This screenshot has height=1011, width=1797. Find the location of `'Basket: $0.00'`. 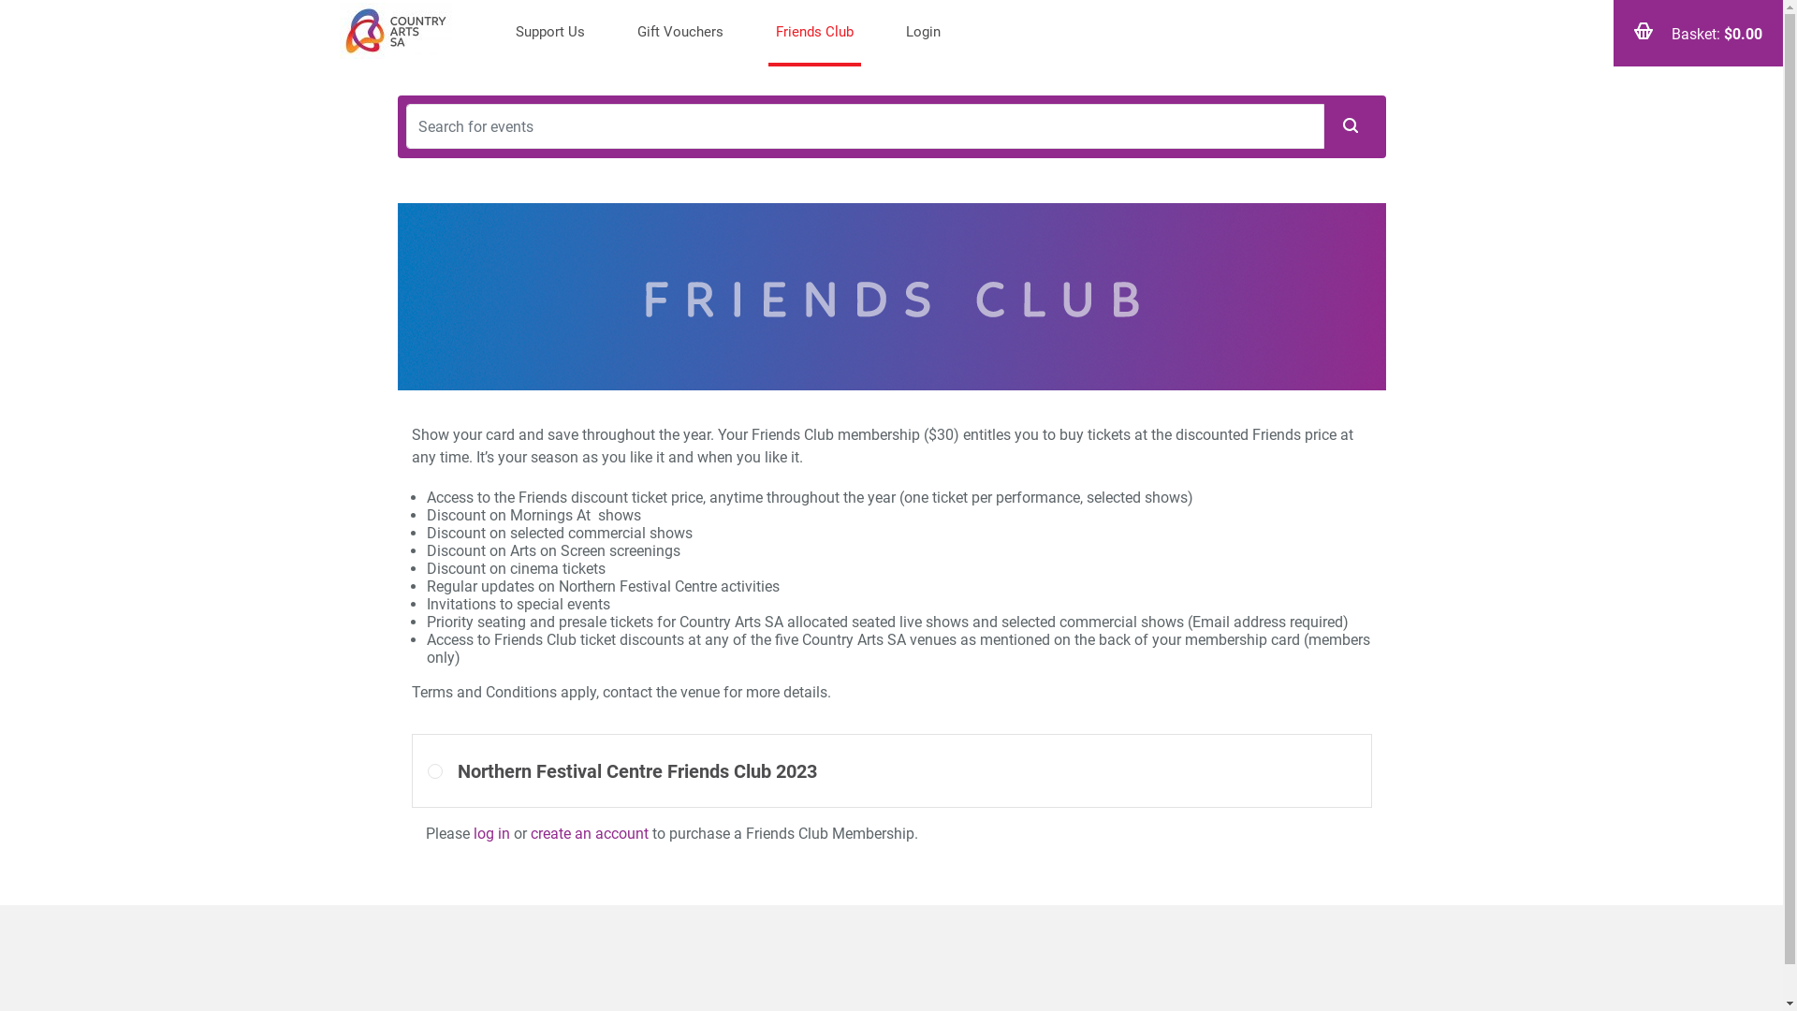

'Basket: $0.00' is located at coordinates (1698, 33).